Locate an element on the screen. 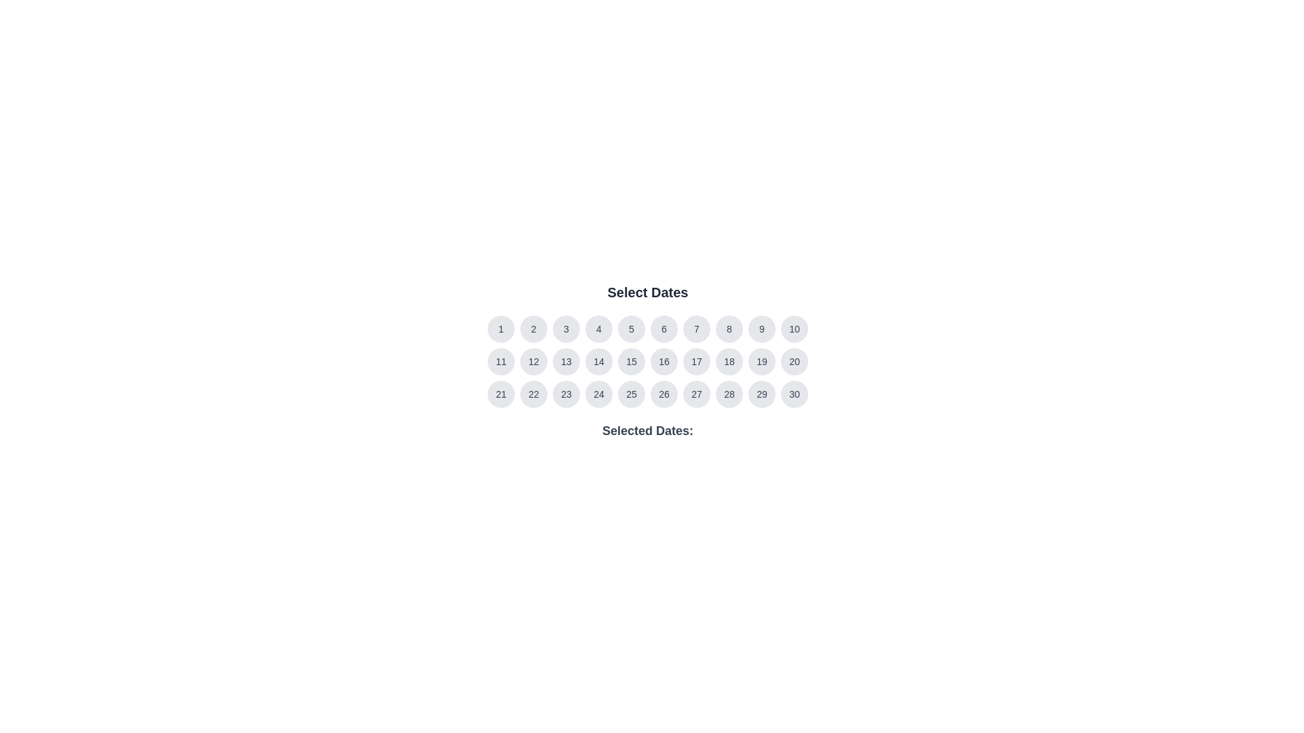  the circular button with the number '21' displayed in the center, which is located in the bottom-left area of the grid under the 'Select Dates' label is located at coordinates (501, 394).